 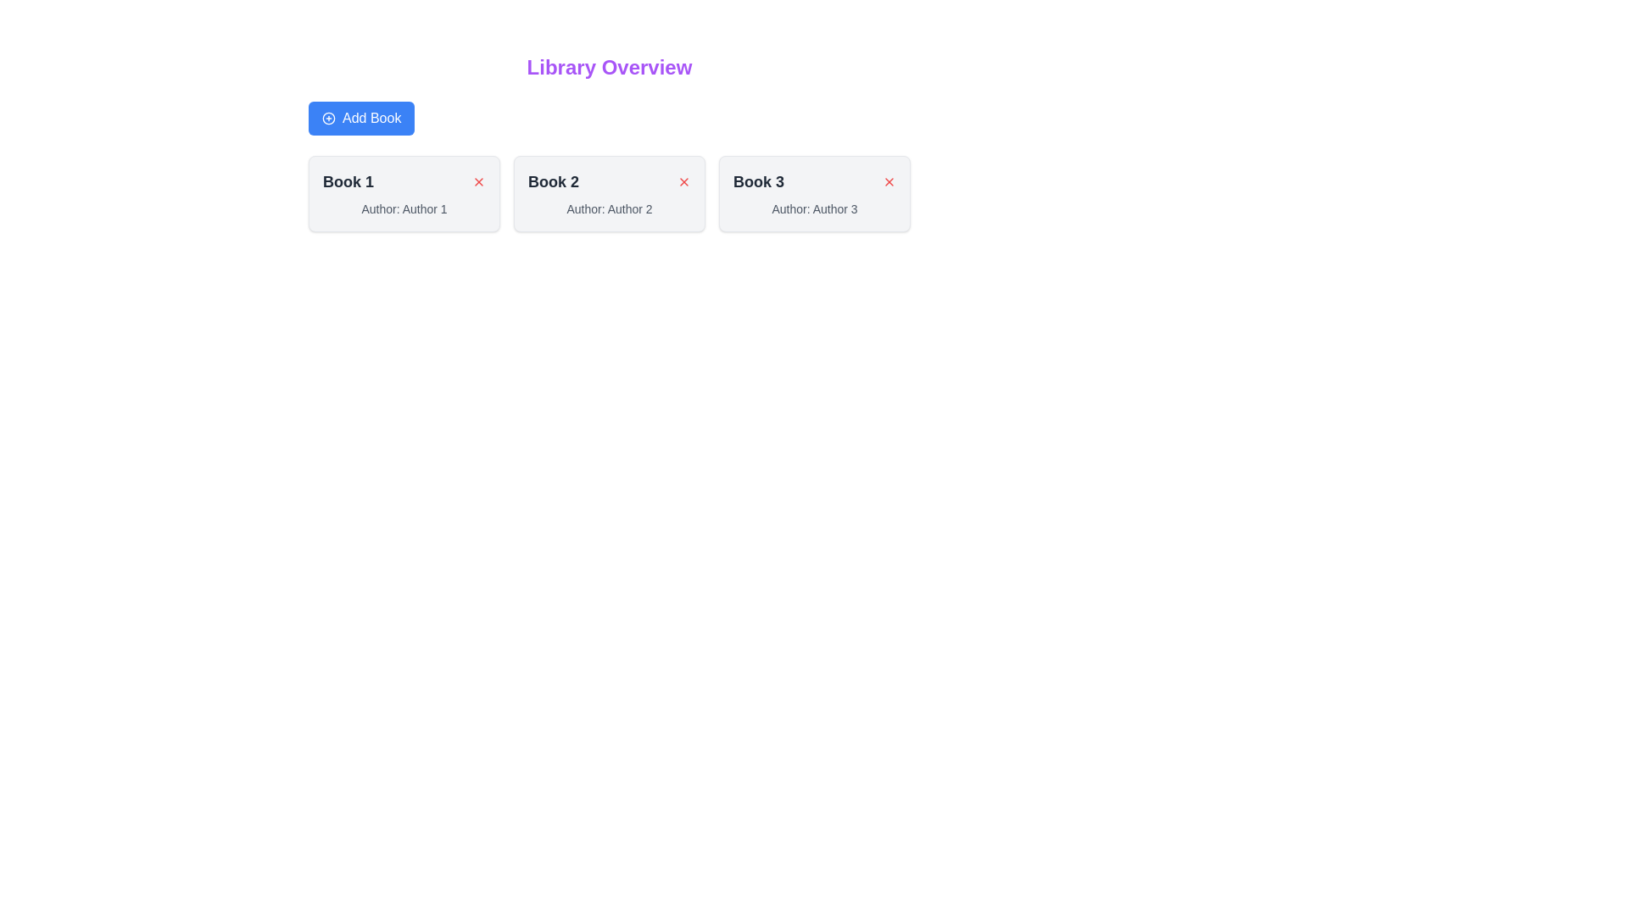 I want to click on the text label displaying 'Book 2' in a bold dark gray font, located at the top left of the second book card in the horizontal row of book cards, so click(x=553, y=182).